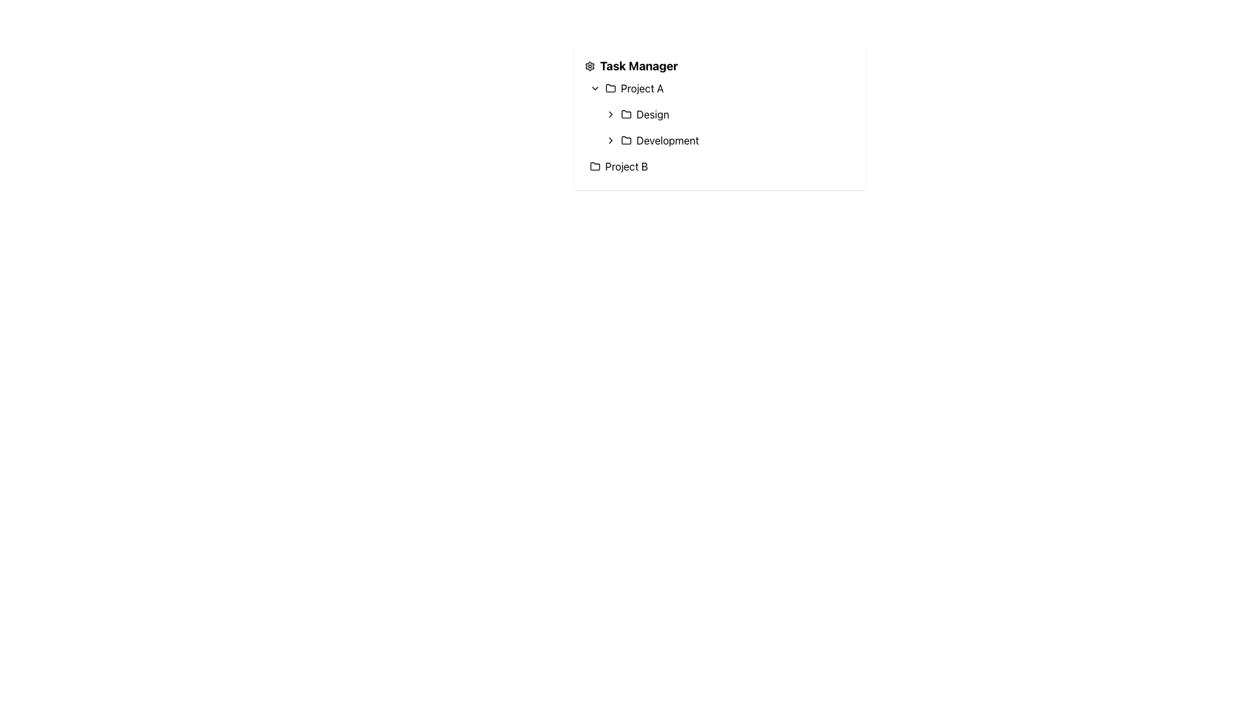 This screenshot has width=1249, height=703. What do you see at coordinates (610, 141) in the screenshot?
I see `the chevron icon located to the left of the 'Development' text` at bounding box center [610, 141].